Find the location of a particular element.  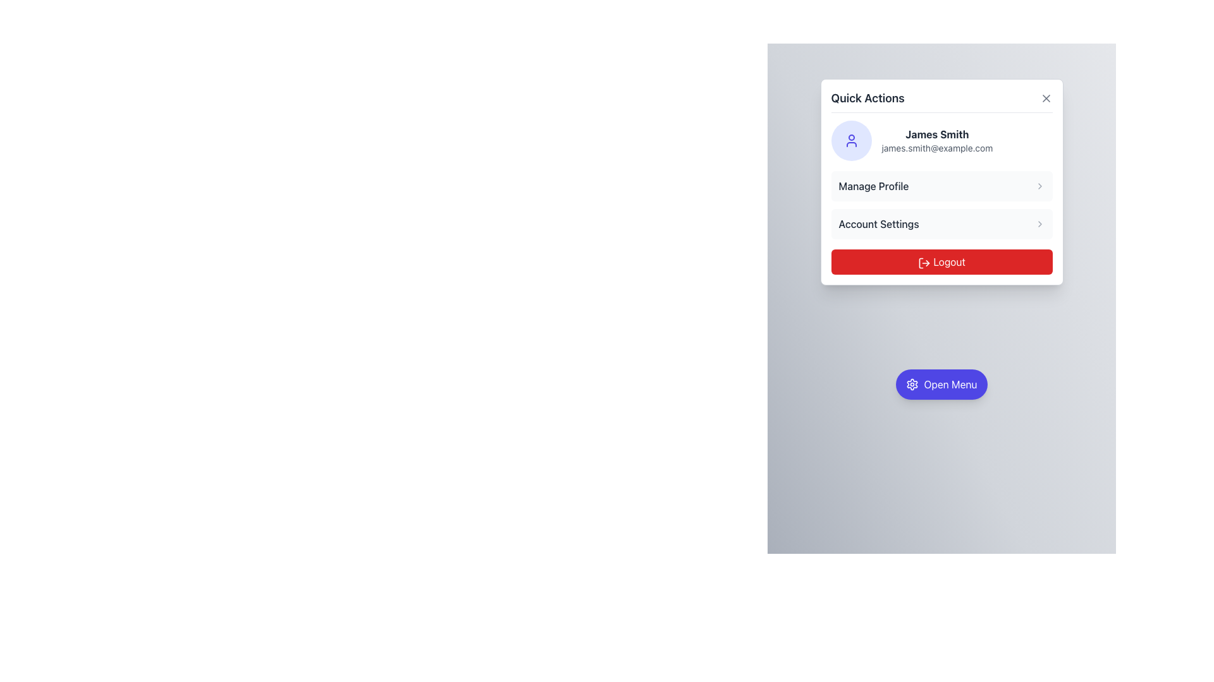

the icon located at the far right of the 'Account Settings' row within the 'Quick Actions' menu is located at coordinates (1039, 223).